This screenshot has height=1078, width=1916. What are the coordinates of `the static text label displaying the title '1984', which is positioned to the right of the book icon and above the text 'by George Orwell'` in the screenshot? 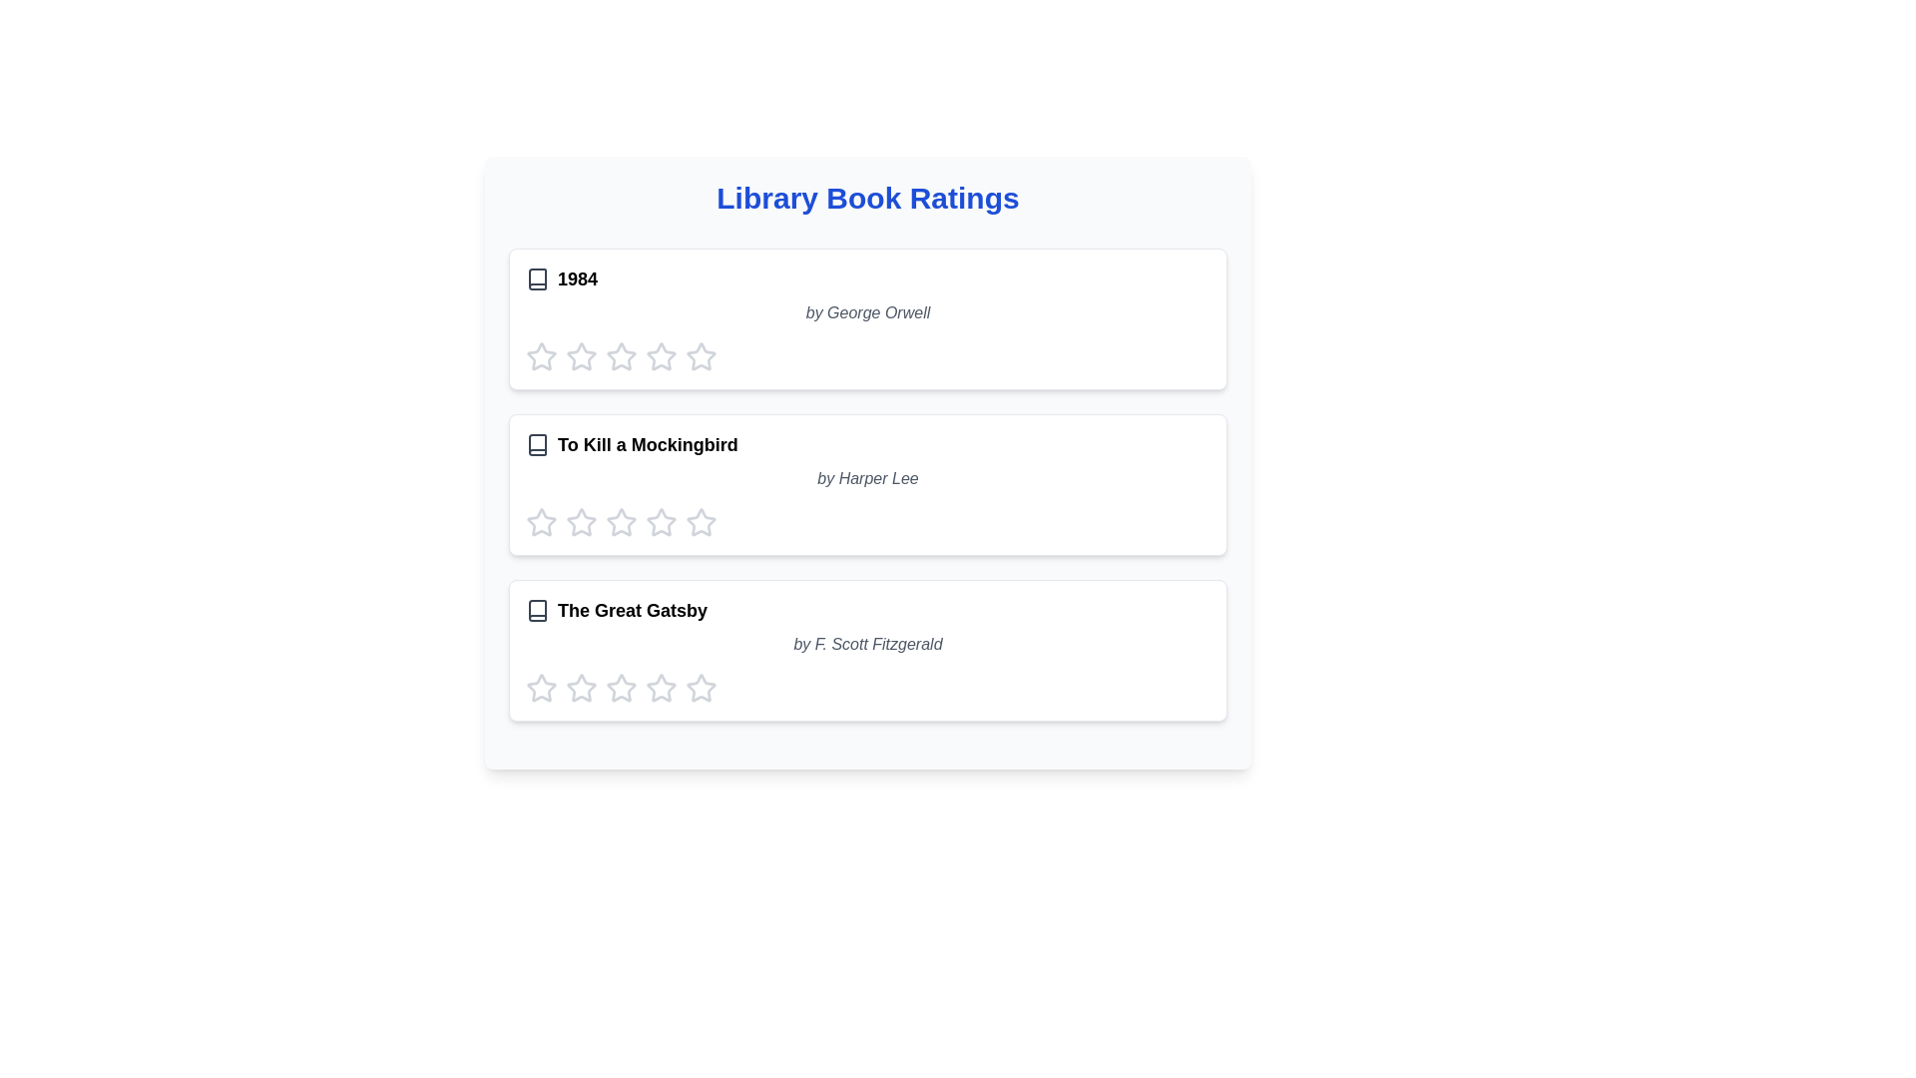 It's located at (577, 279).